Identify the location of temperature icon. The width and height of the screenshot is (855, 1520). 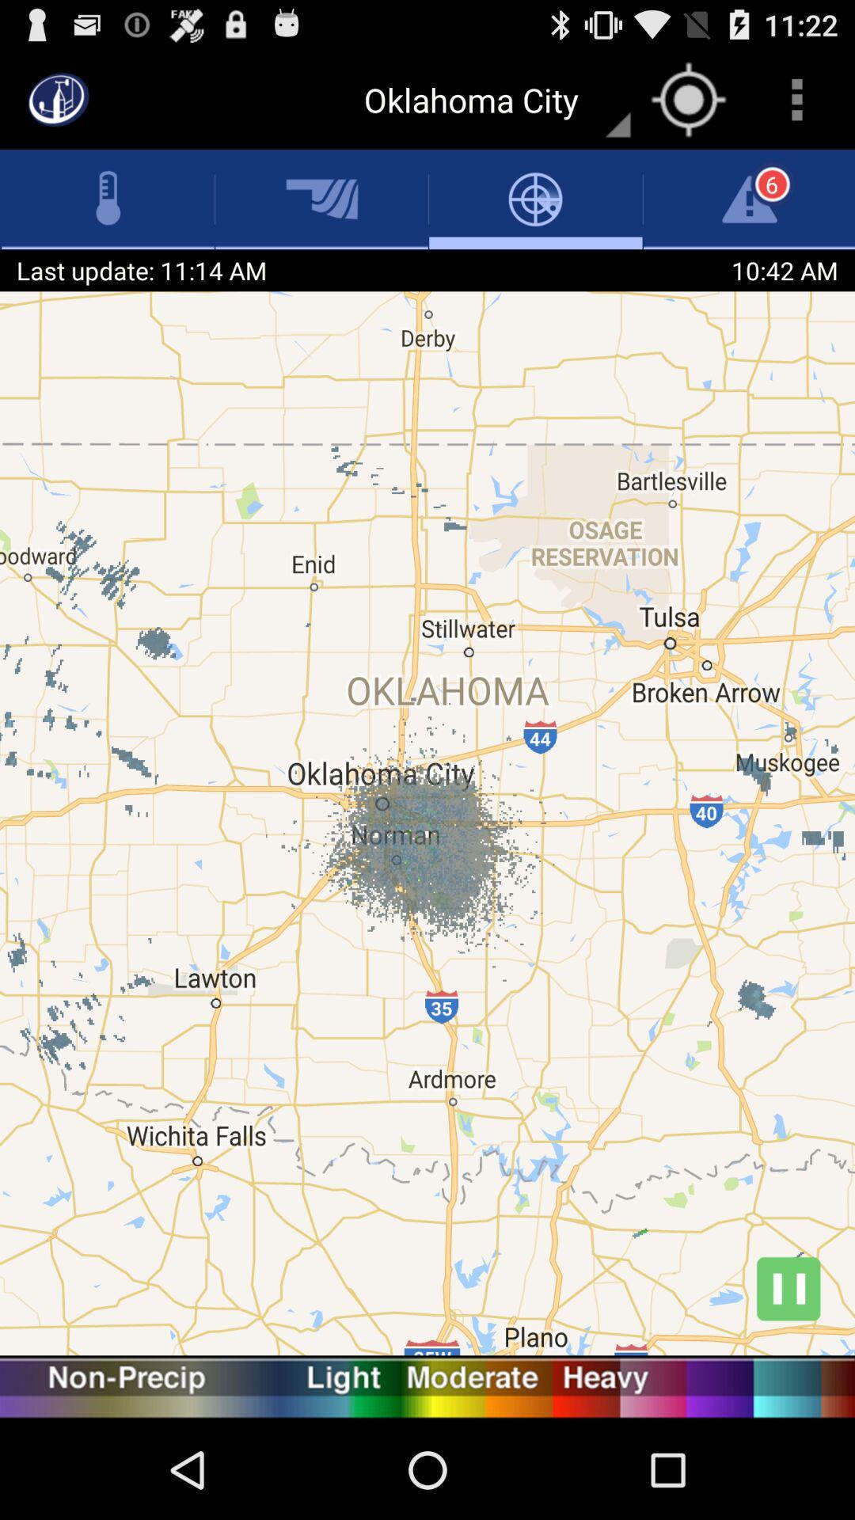
(108, 199).